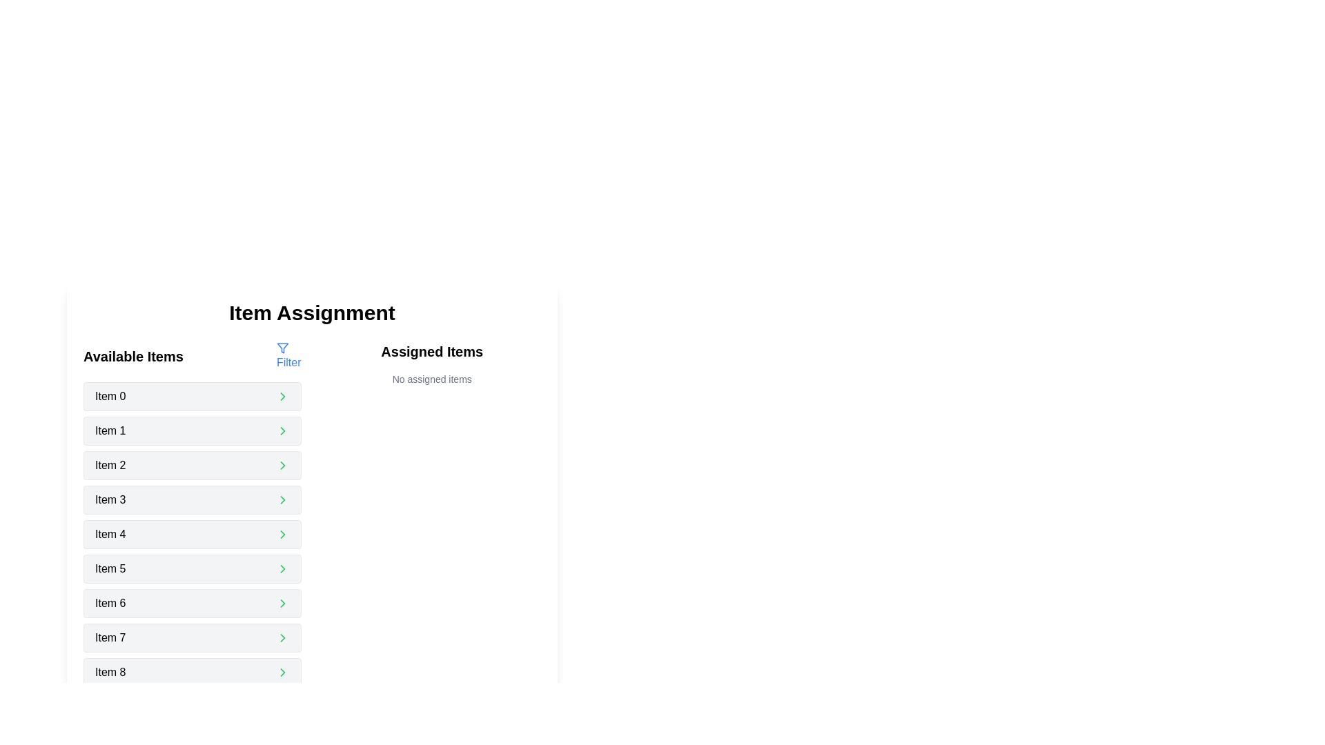  I want to click on the green chevron icon adjacent to 'Item 2' in the 'Available Items' list, so click(282, 466).